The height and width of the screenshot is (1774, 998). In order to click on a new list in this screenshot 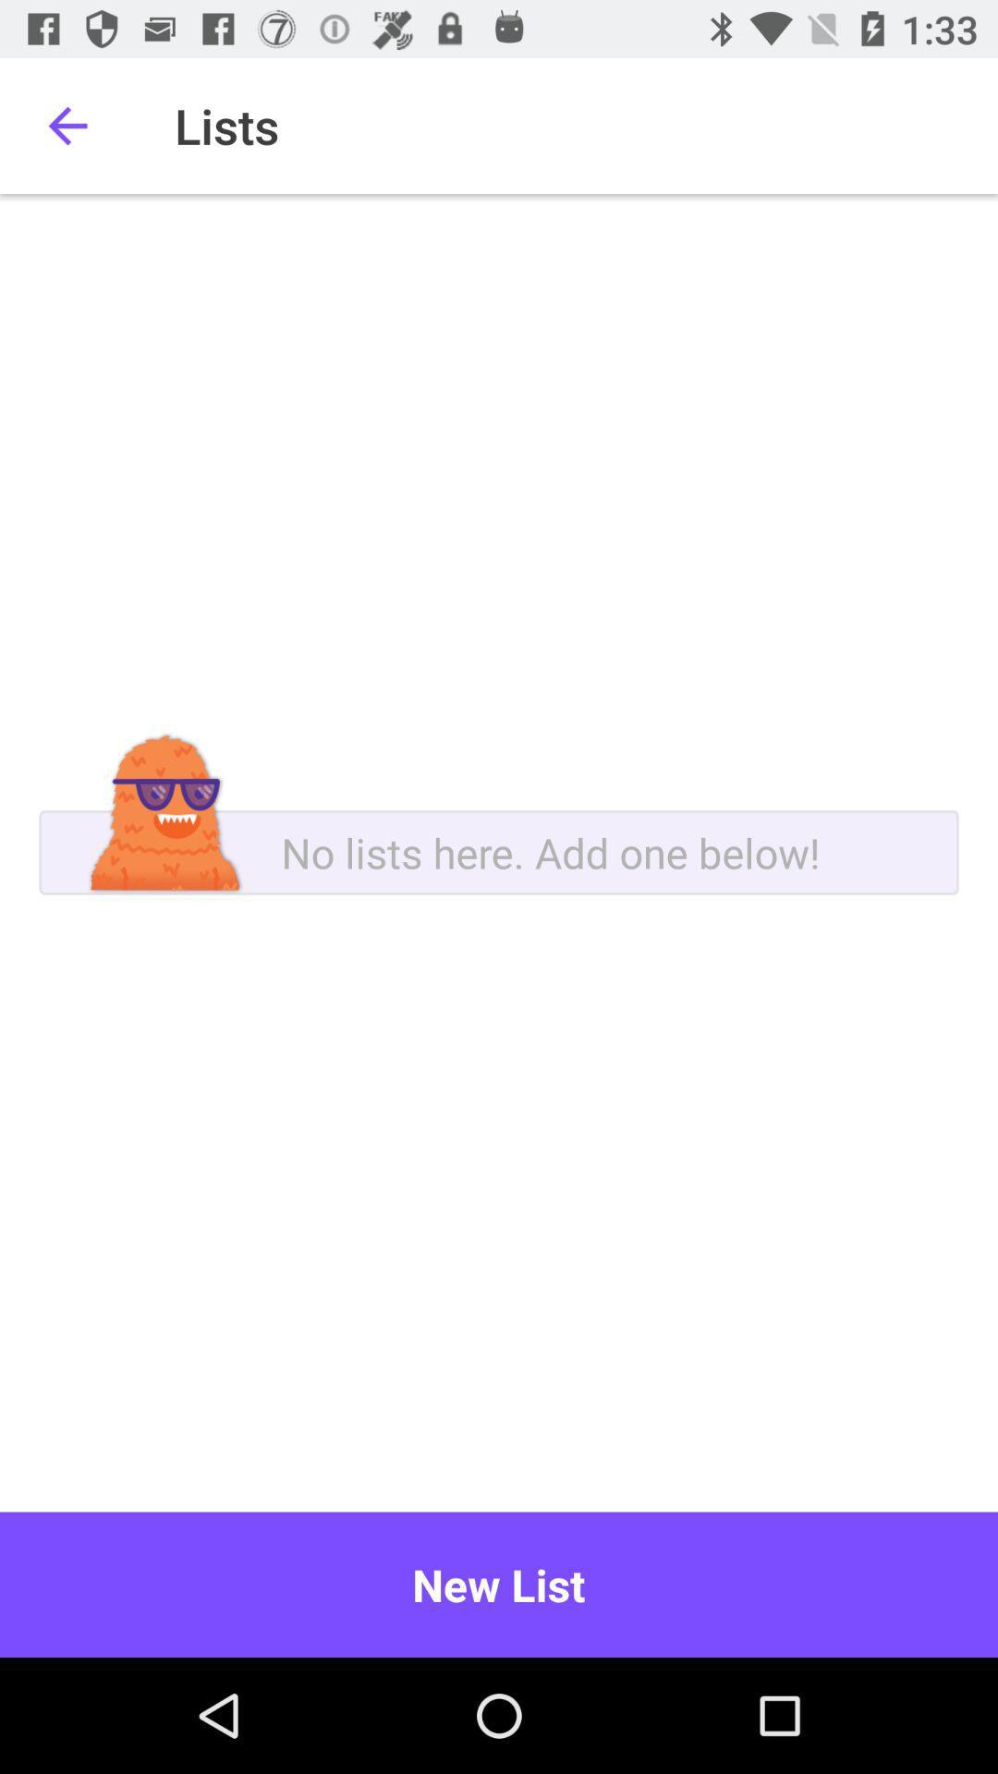, I will do `click(499, 852)`.